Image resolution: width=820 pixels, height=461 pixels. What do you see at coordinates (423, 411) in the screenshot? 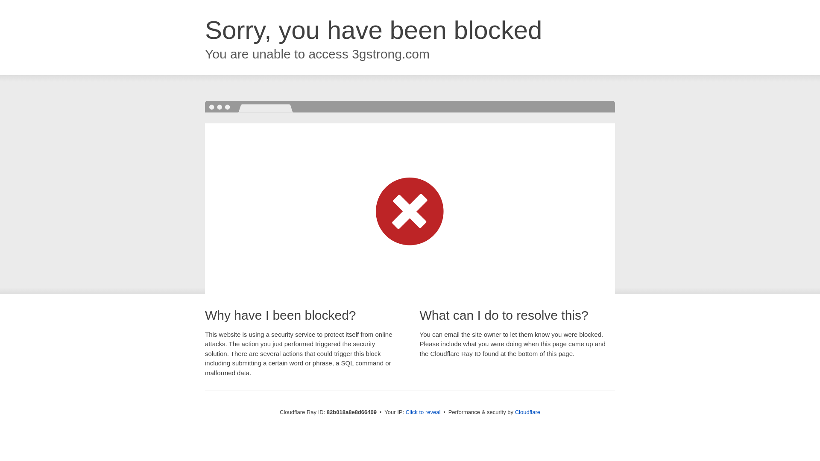
I see `'Click to reveal'` at bounding box center [423, 411].